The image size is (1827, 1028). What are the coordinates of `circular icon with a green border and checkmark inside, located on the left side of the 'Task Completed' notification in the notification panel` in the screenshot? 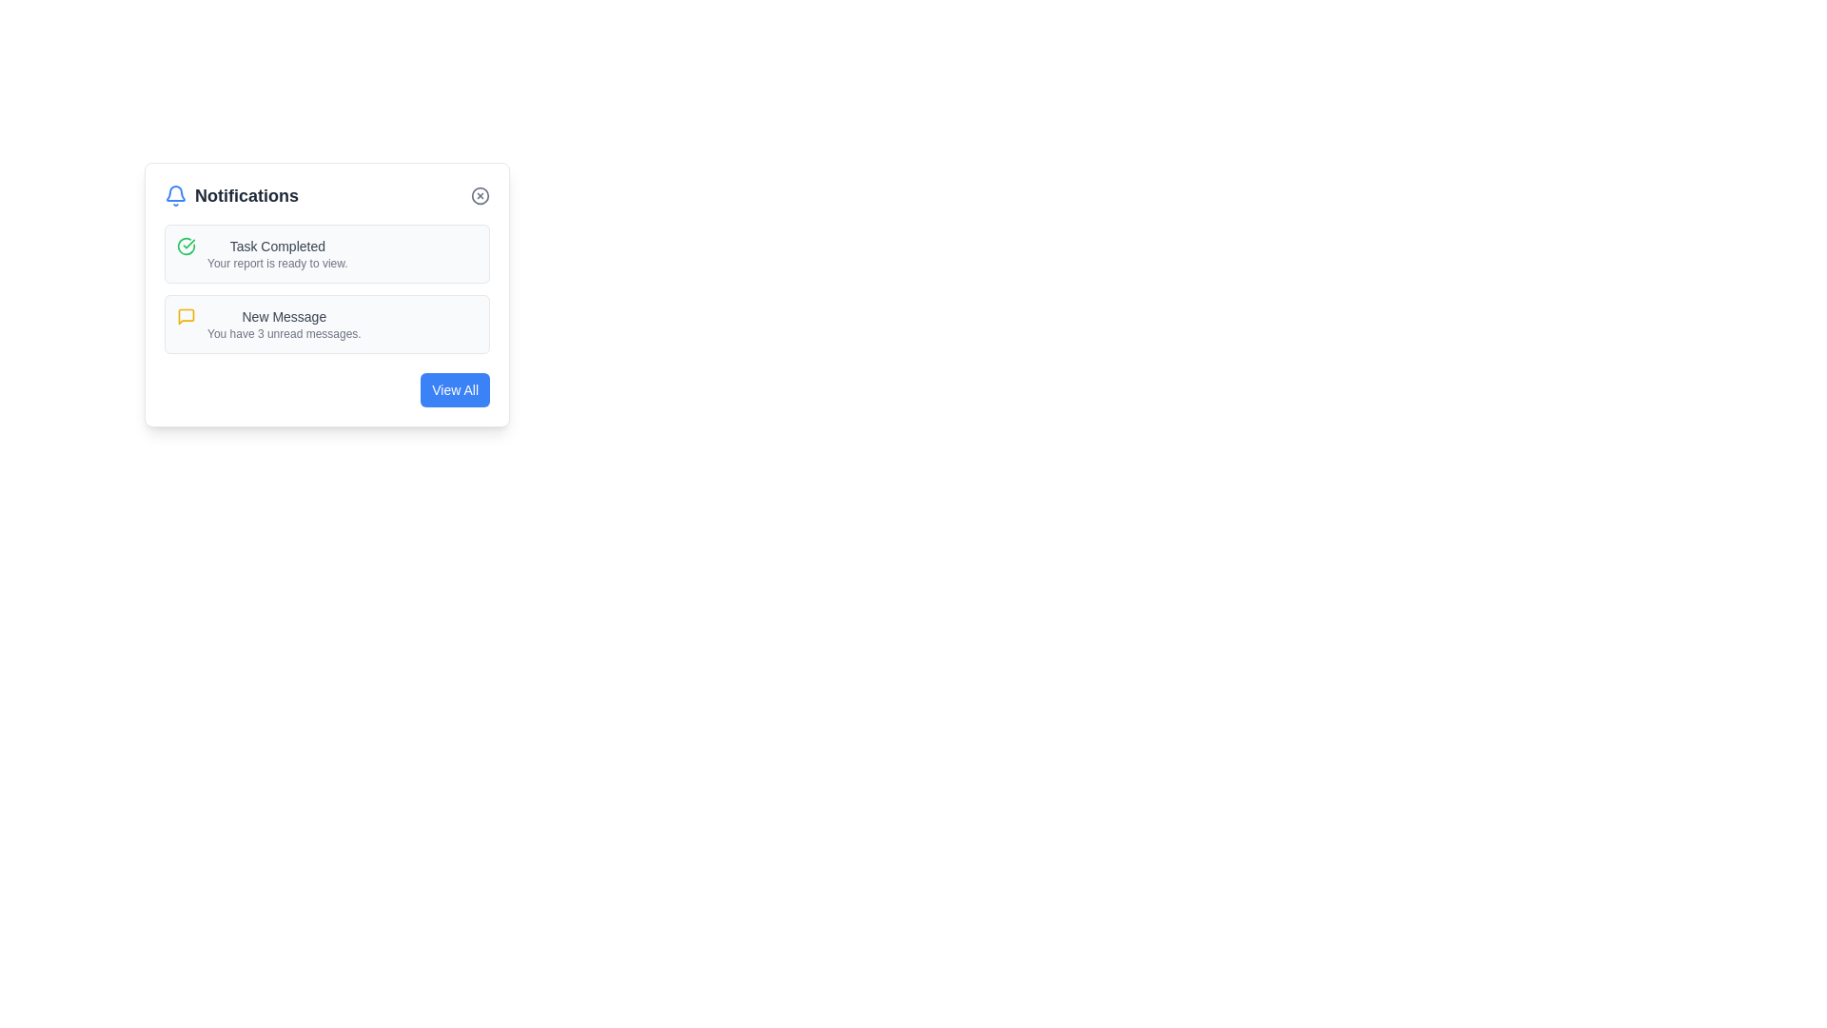 It's located at (187, 245).